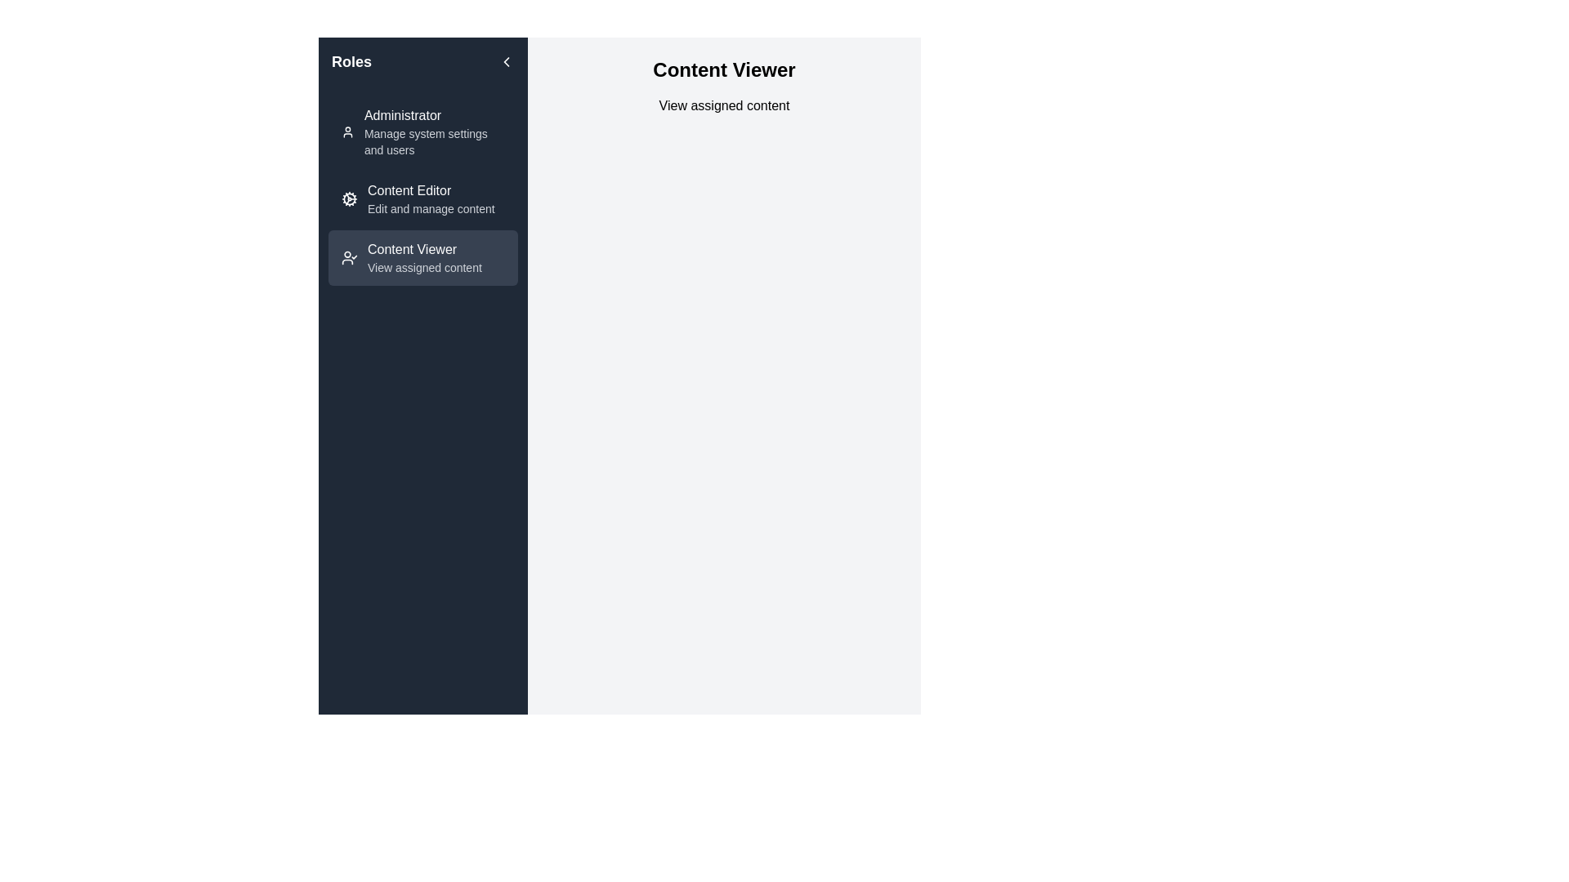  I want to click on the text label that says 'Manage system settings and users', located below the 'Administrator' title in the left navigation sidebar, so click(435, 140).